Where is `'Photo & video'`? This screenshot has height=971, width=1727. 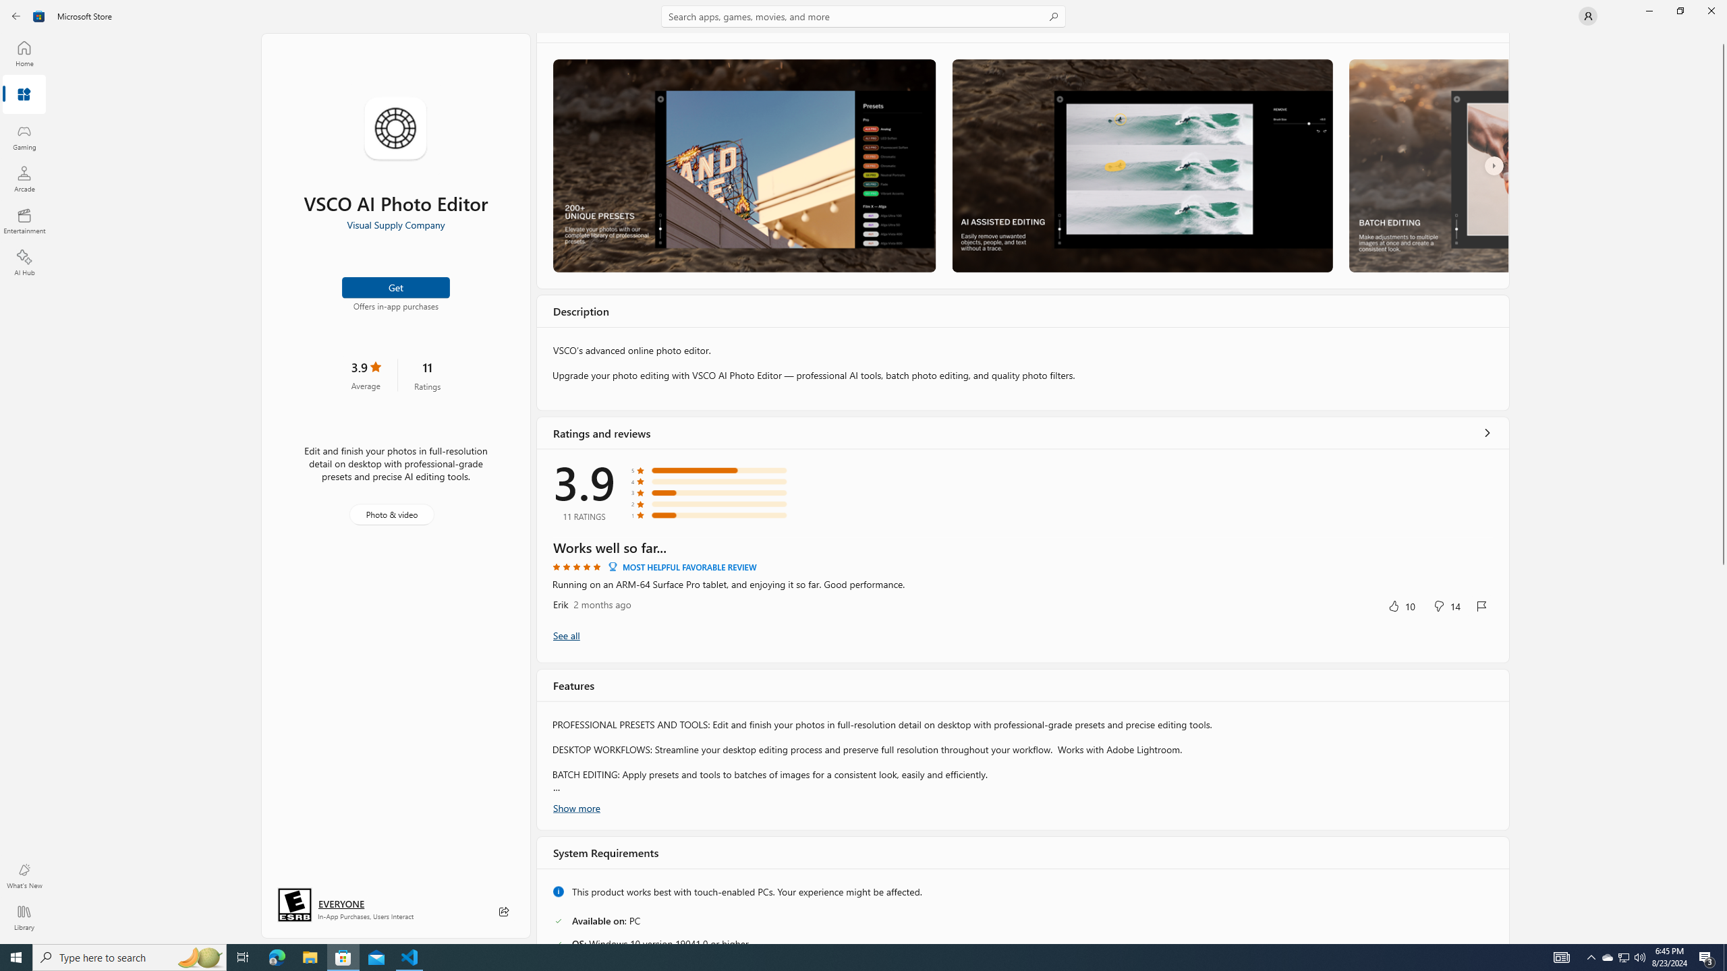 'Photo & video' is located at coordinates (390, 514).